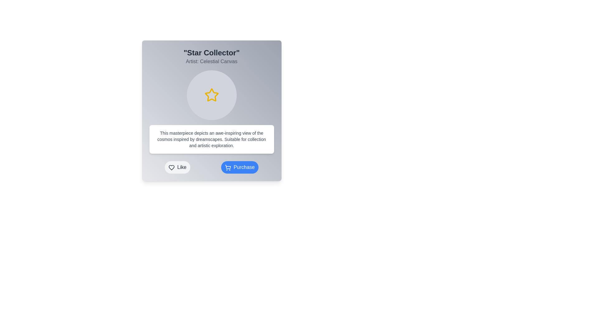 Image resolution: width=598 pixels, height=336 pixels. I want to click on the decorative star icon located at the center of the circular area within the card component titled 'Star Collector', so click(211, 95).